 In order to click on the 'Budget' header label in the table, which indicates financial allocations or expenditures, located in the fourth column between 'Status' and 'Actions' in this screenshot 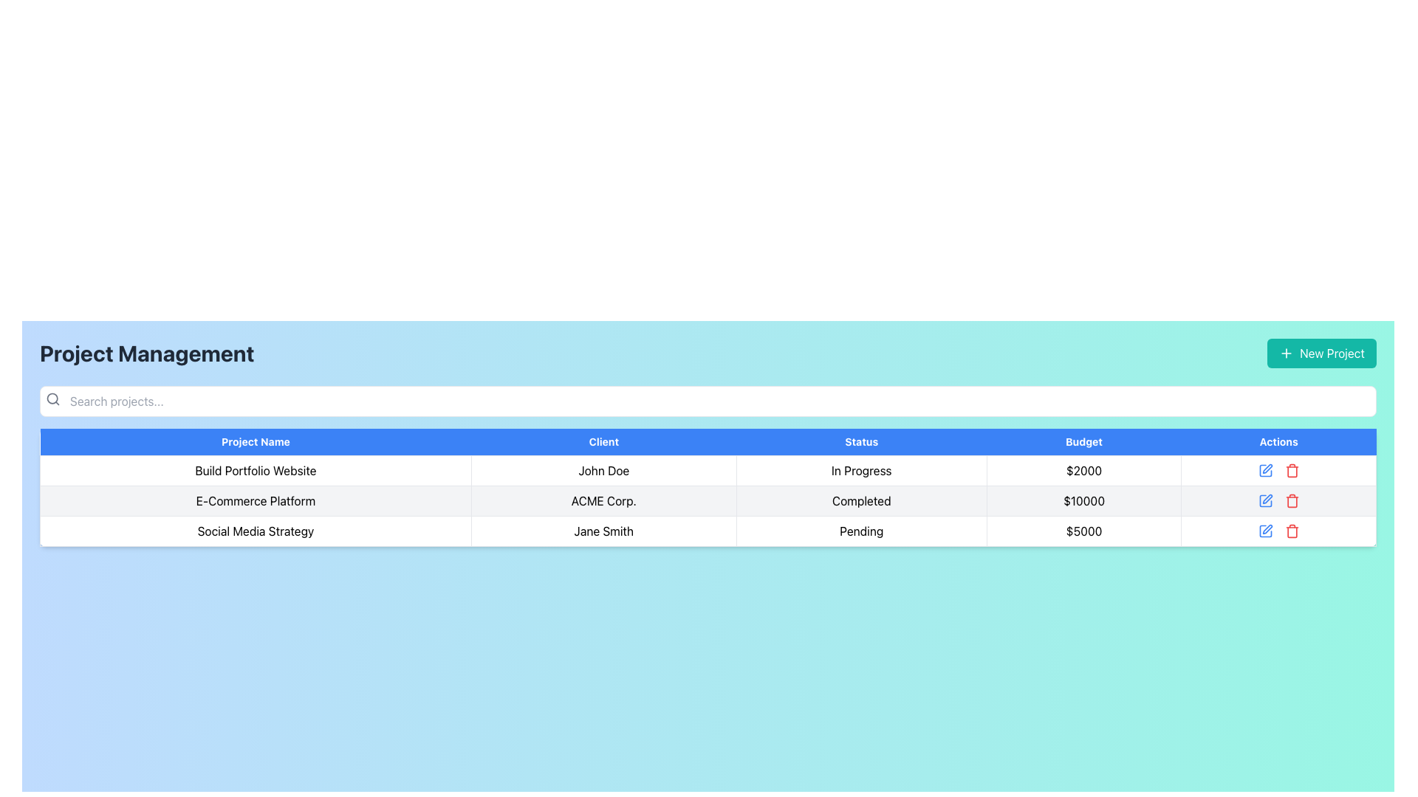, I will do `click(1084, 441)`.